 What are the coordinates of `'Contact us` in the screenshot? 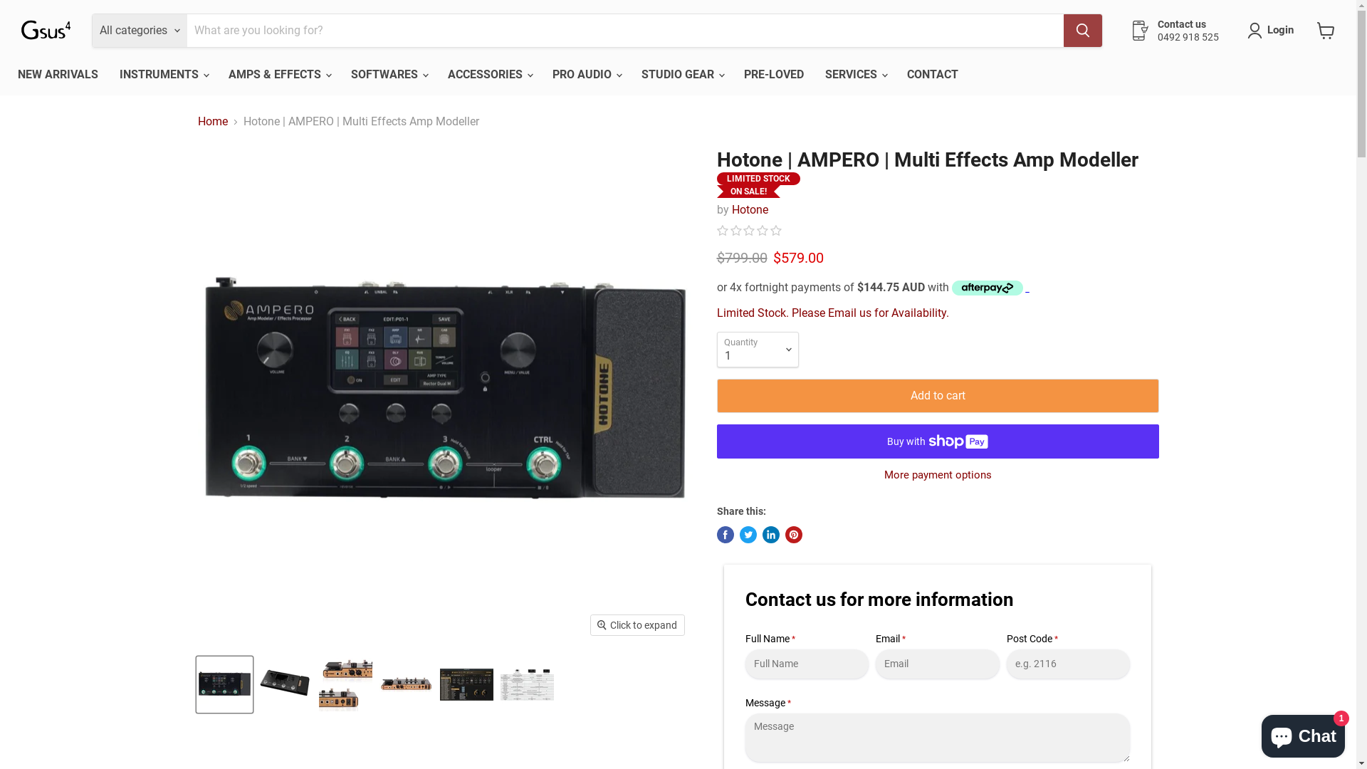 It's located at (1130, 30).